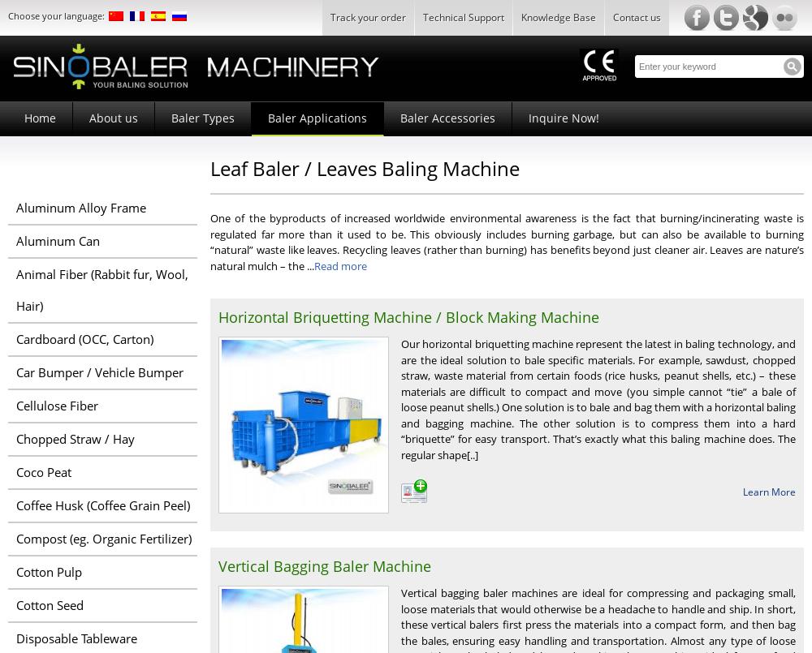 The width and height of the screenshot is (812, 653). Describe the element at coordinates (75, 437) in the screenshot. I see `'Chopped Straw / Hay'` at that location.